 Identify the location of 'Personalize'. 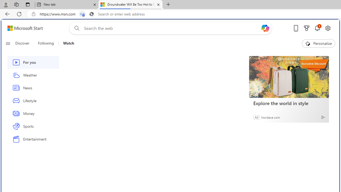
(318, 43).